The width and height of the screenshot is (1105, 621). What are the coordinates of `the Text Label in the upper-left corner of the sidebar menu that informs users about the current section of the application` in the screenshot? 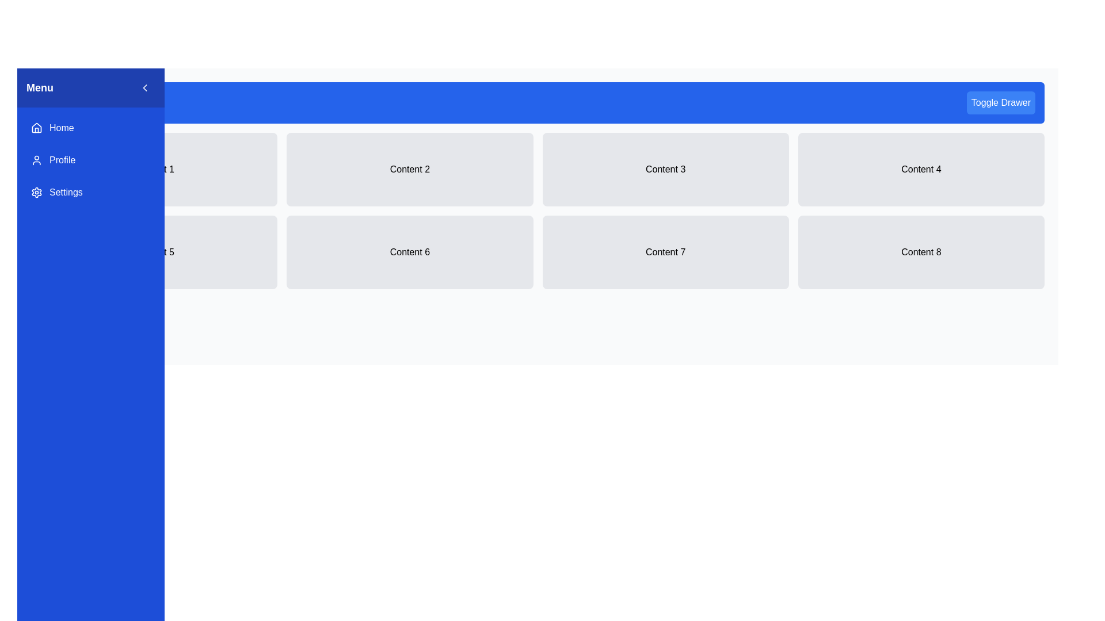 It's located at (40, 87).